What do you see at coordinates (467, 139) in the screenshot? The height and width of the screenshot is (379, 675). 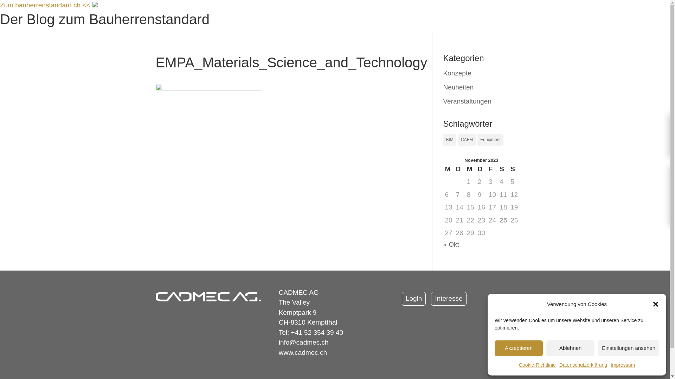 I see `'CAFM'` at bounding box center [467, 139].